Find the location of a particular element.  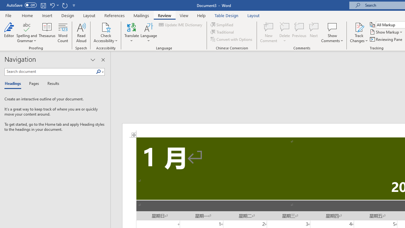

'Spelling and Grammar' is located at coordinates (27, 27).